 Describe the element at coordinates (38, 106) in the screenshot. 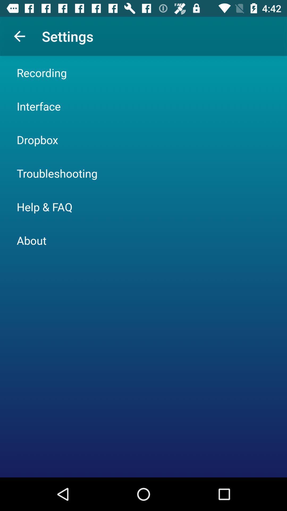

I see `the icon above dropbox icon` at that location.